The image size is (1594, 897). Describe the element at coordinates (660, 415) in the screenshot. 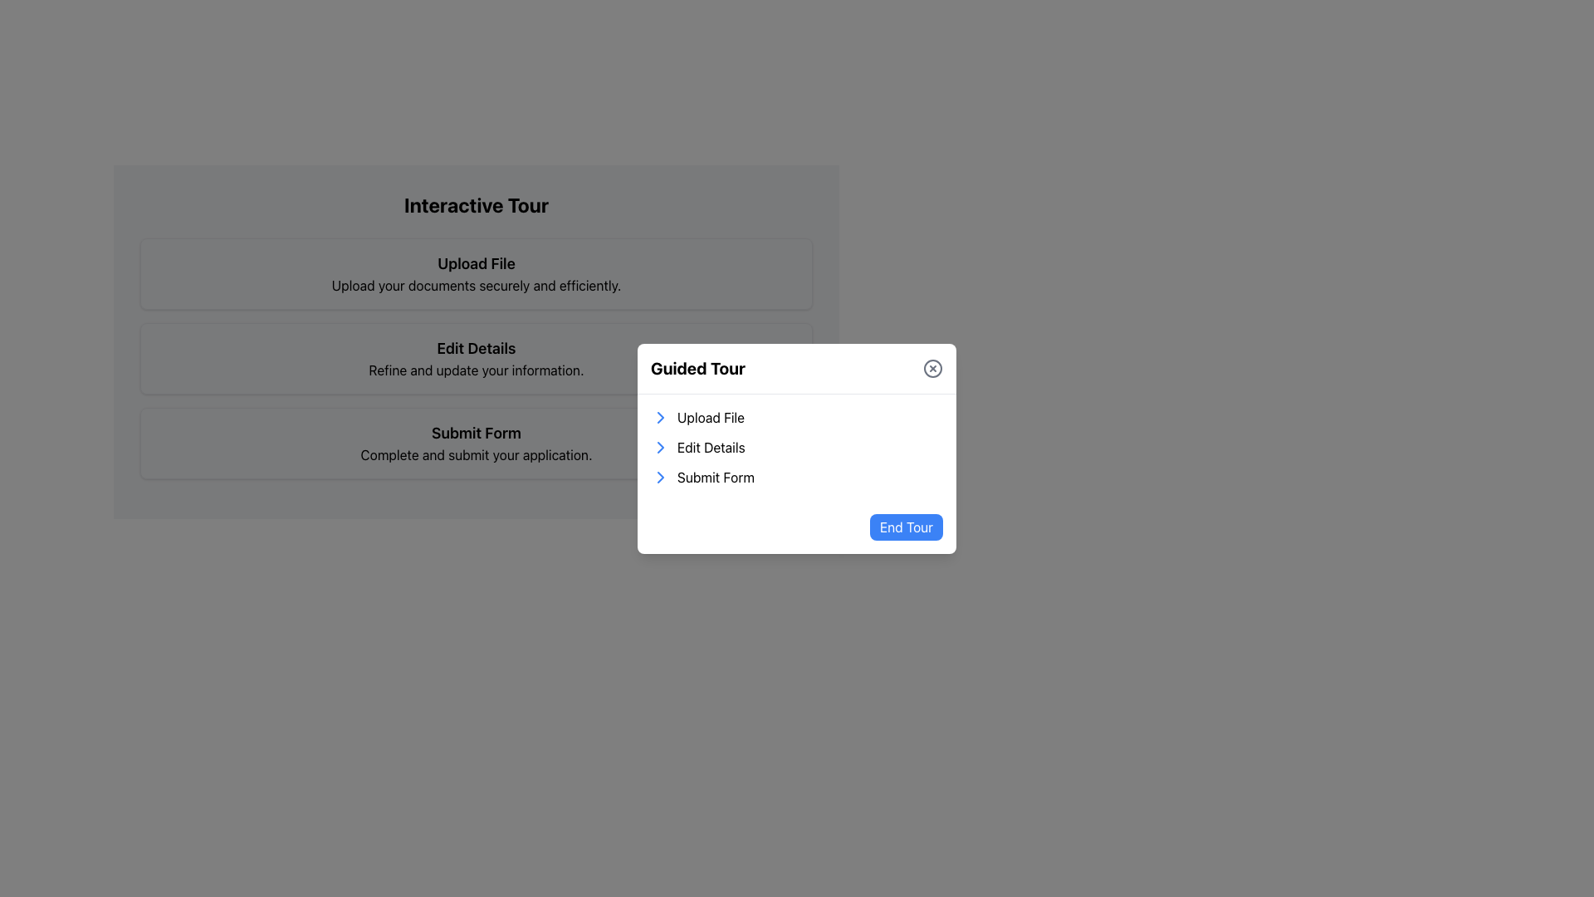

I see `the blue chevron-right icon located within the 'Guided Tour' modal, positioned to the right of 'Edit Details' and between 'Upload File' and 'Submit Form' steps` at that location.